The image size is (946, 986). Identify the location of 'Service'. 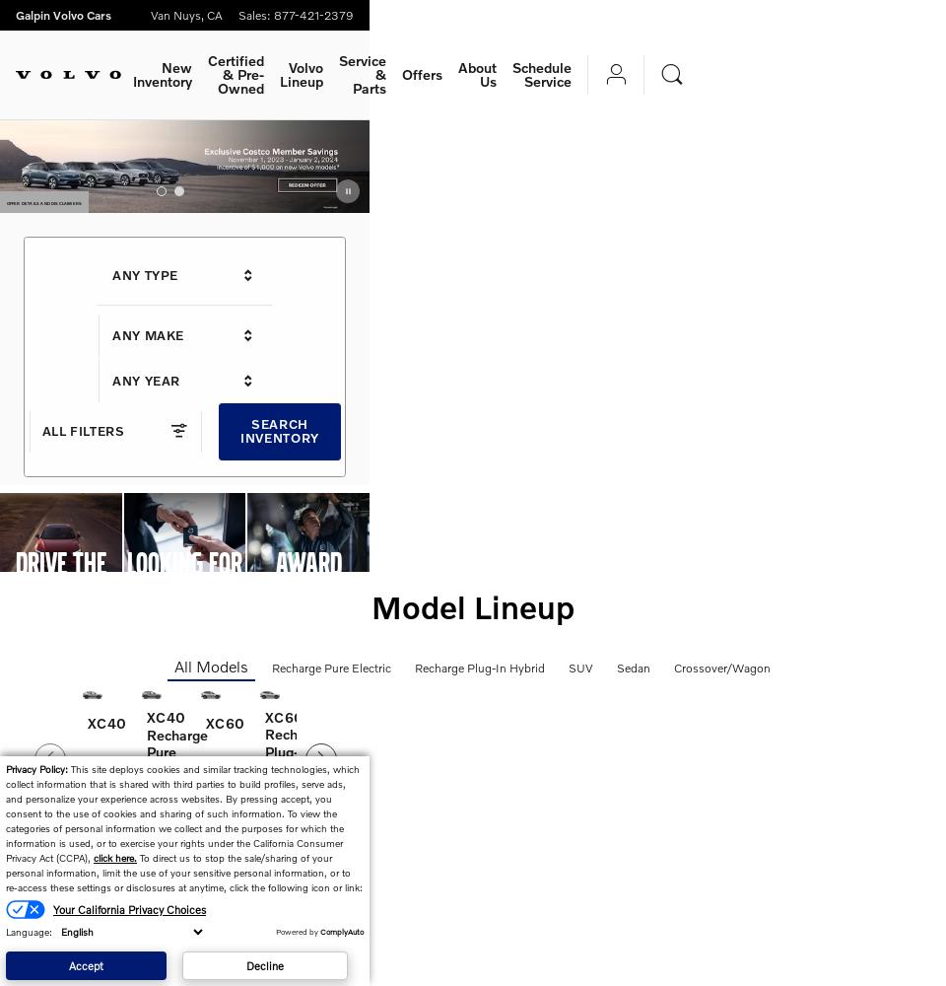
(361, 60).